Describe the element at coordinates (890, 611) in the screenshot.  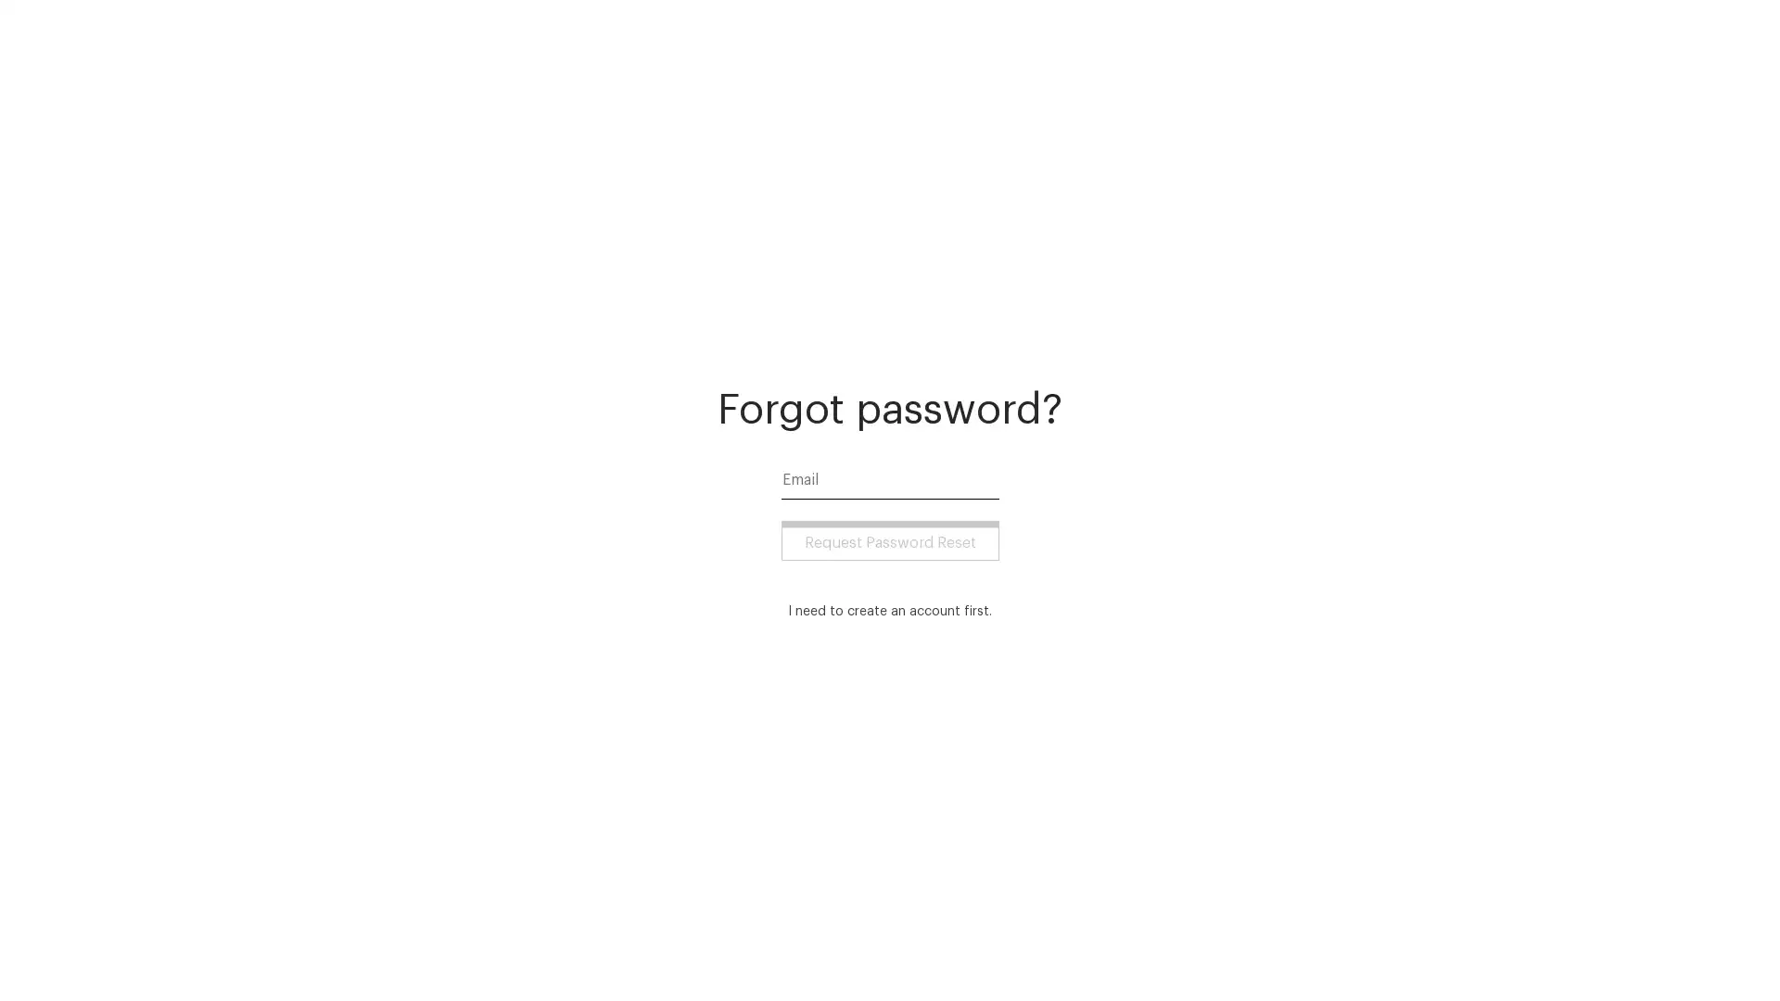
I see `I need to create an account first.` at that location.